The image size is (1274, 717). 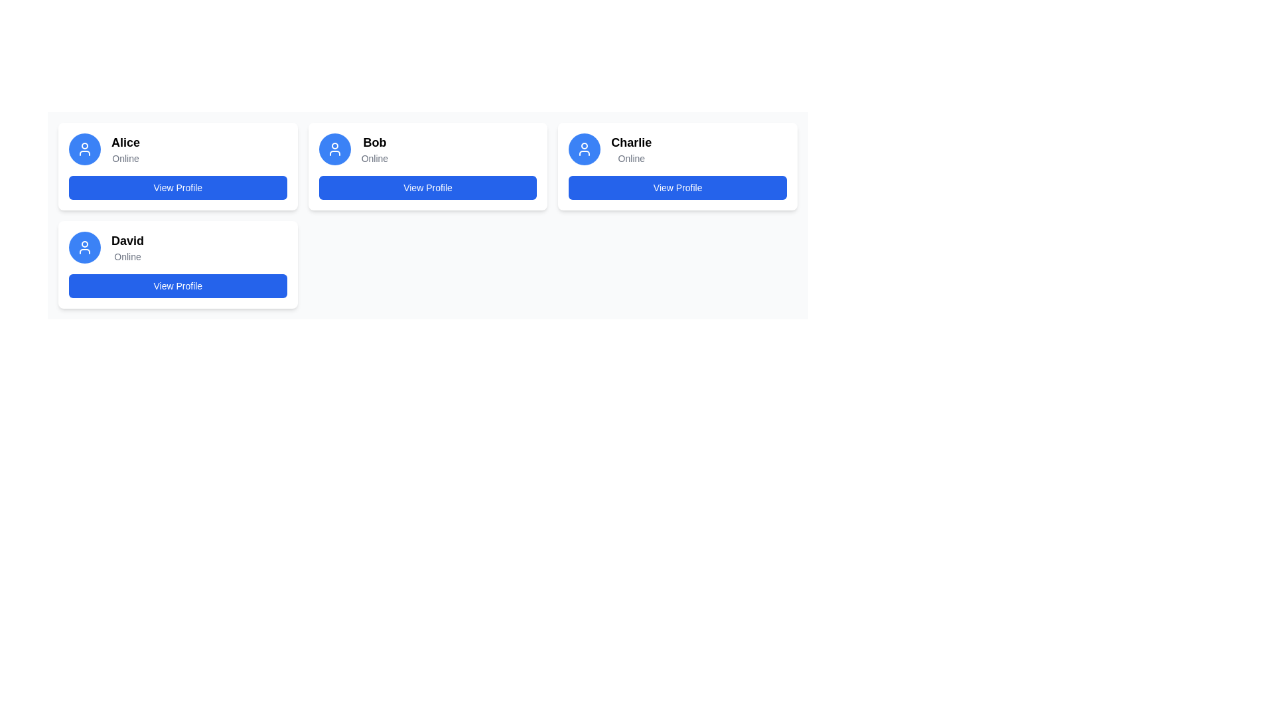 I want to click on the User Avatar of 'David', who is currently 'Online', located in the bottom-left part of the user card grid layout, so click(x=84, y=248).